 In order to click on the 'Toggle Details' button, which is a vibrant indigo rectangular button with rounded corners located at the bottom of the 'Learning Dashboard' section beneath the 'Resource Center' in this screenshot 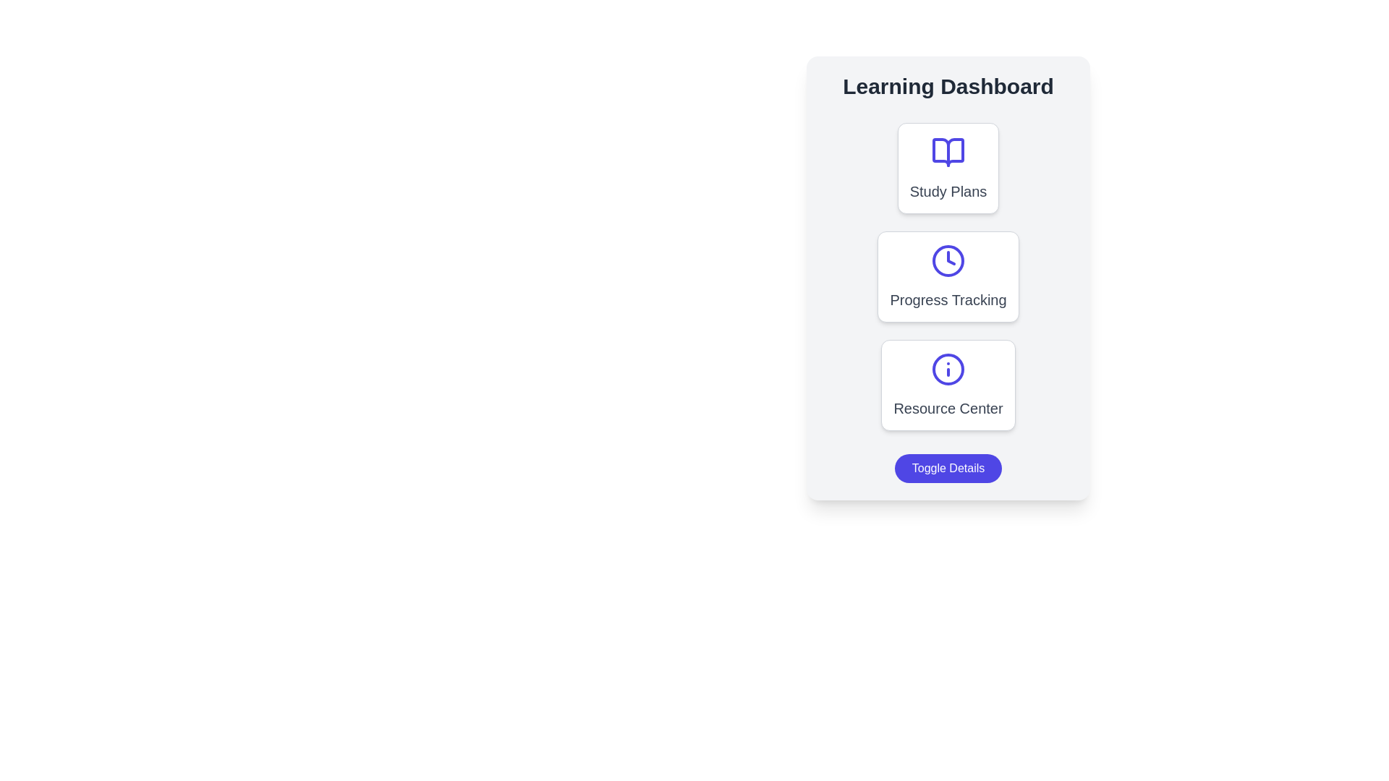, I will do `click(948, 469)`.